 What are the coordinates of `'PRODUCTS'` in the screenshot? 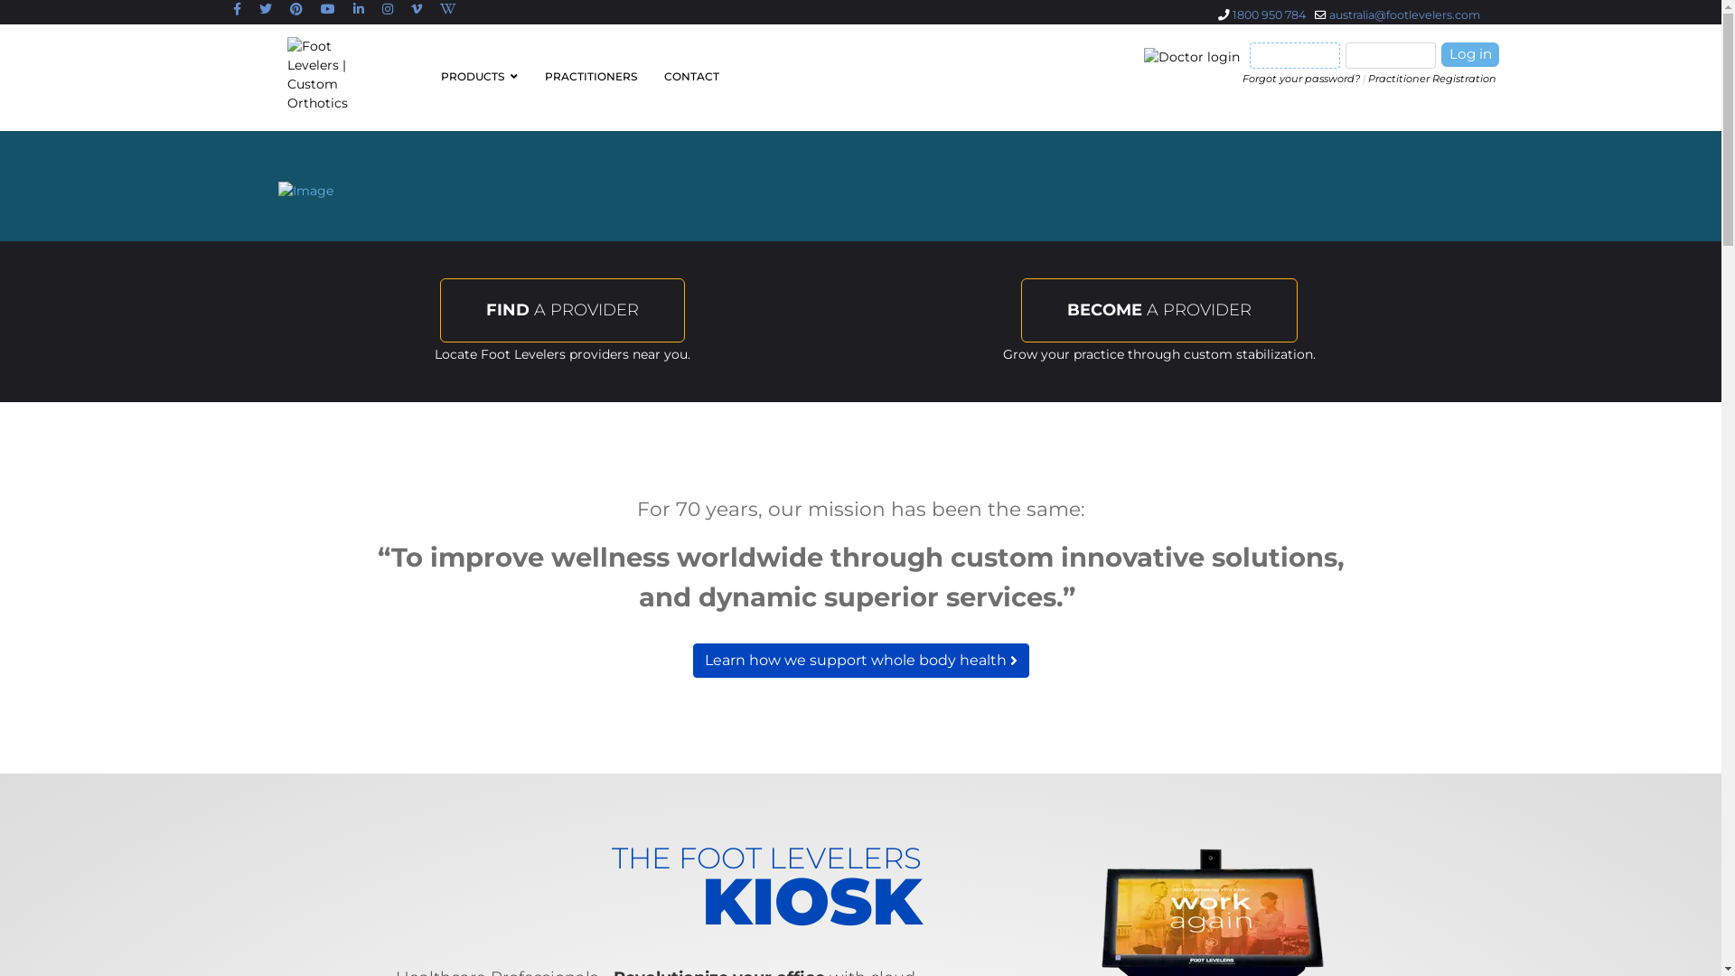 It's located at (478, 75).